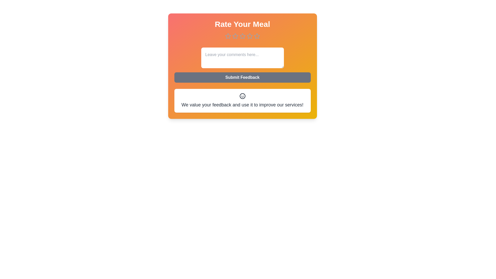  What do you see at coordinates (235, 36) in the screenshot?
I see `the meal rating to 2 stars by clicking on the corresponding star` at bounding box center [235, 36].